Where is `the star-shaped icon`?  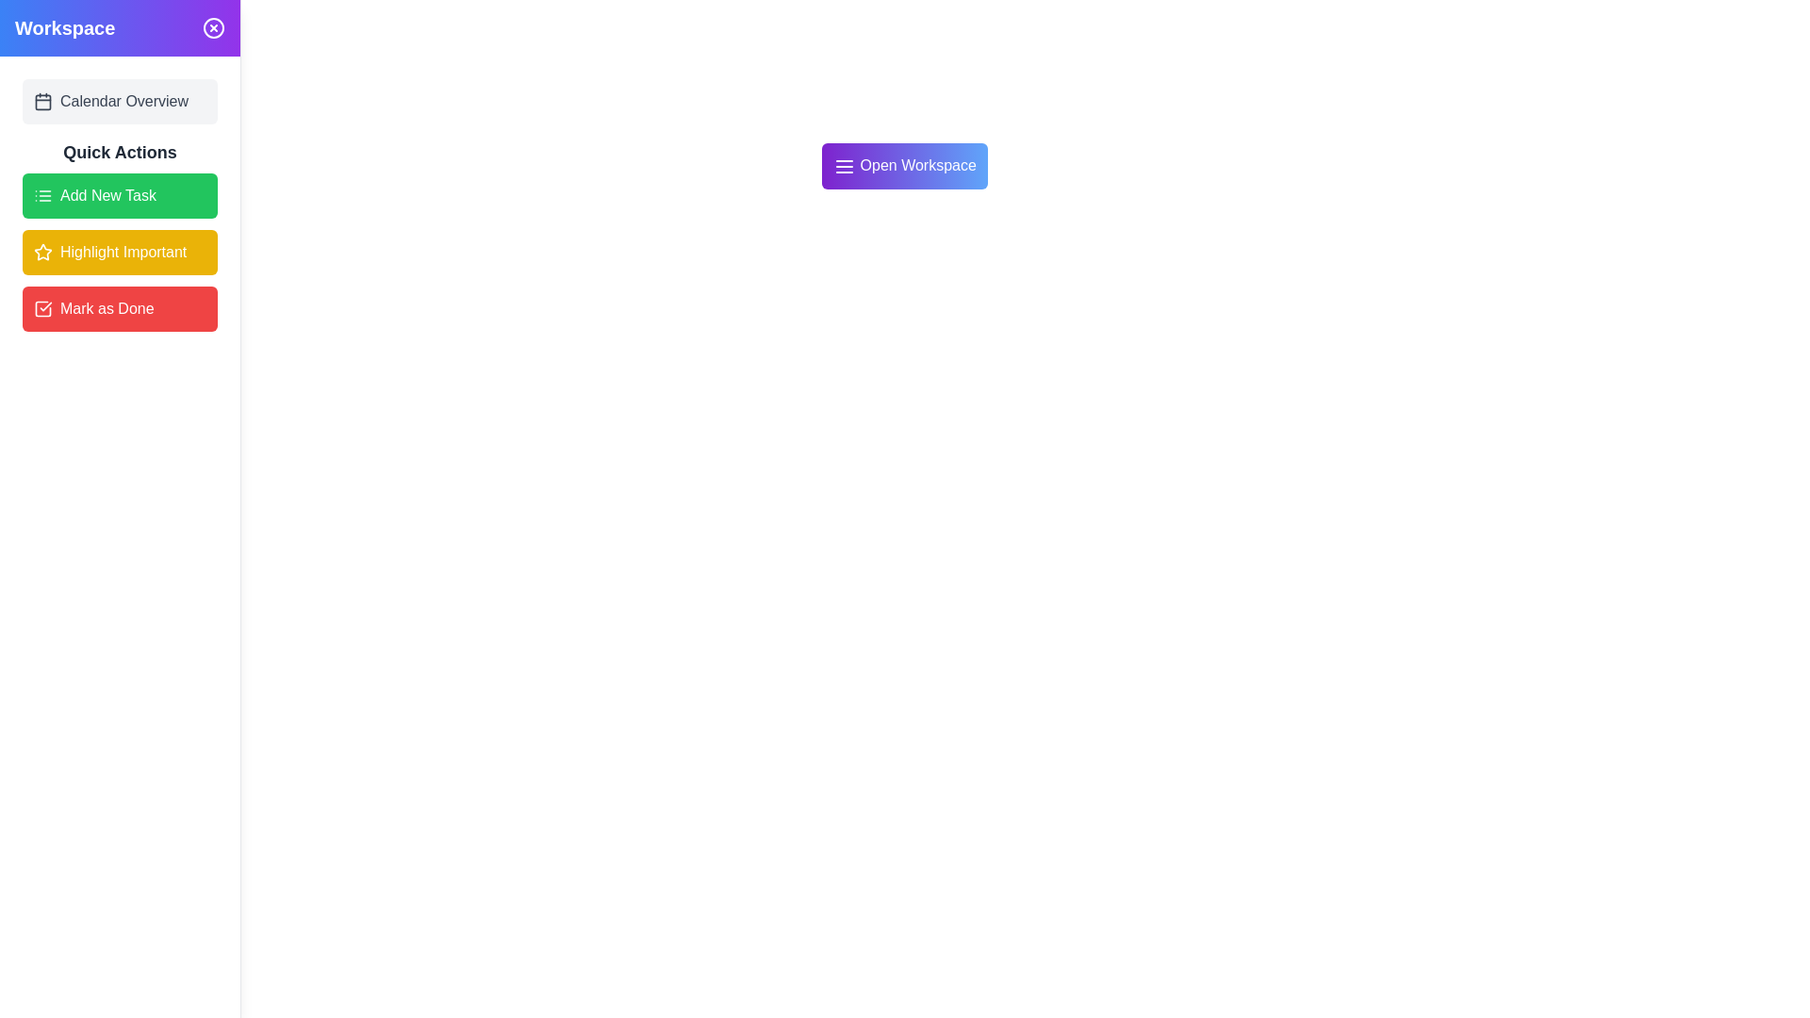
the star-shaped icon is located at coordinates (43, 251).